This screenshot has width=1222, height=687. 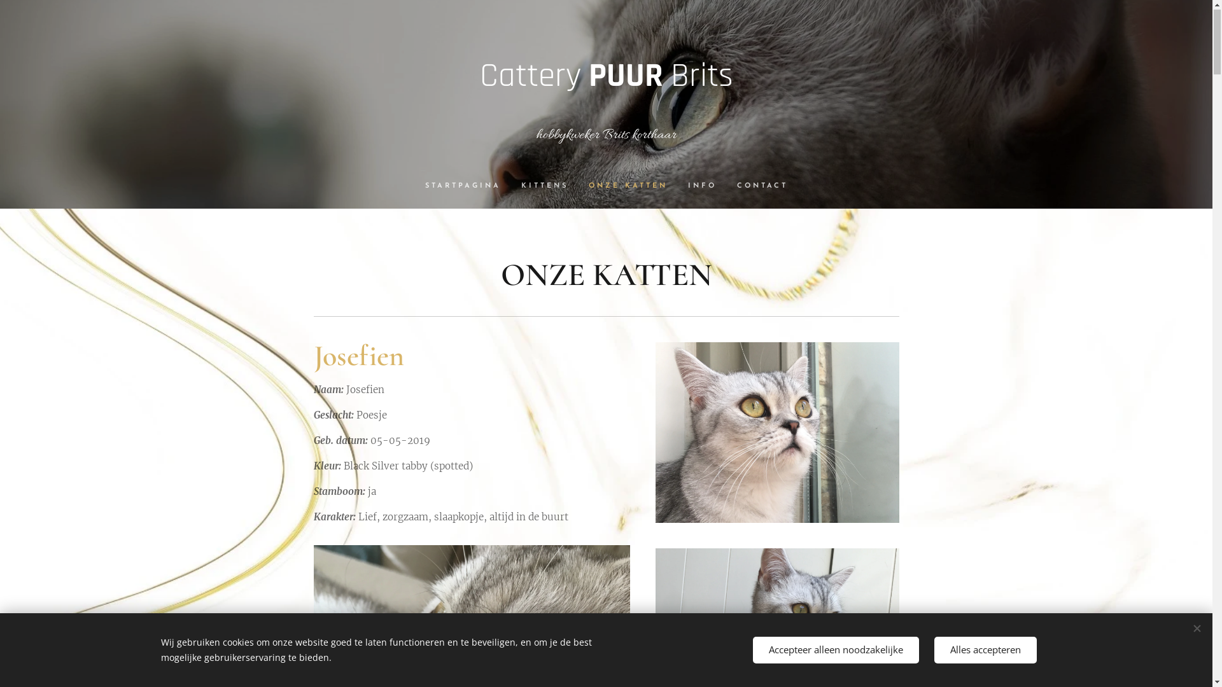 I want to click on 'ONZE KATTEN', so click(x=627, y=186).